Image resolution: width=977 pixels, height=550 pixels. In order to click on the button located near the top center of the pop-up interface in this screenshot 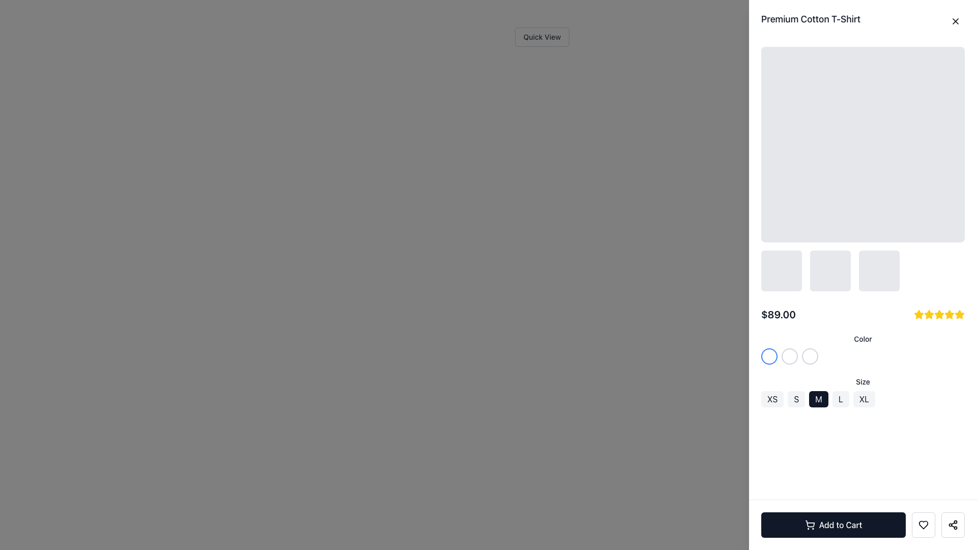, I will do `click(541, 37)`.